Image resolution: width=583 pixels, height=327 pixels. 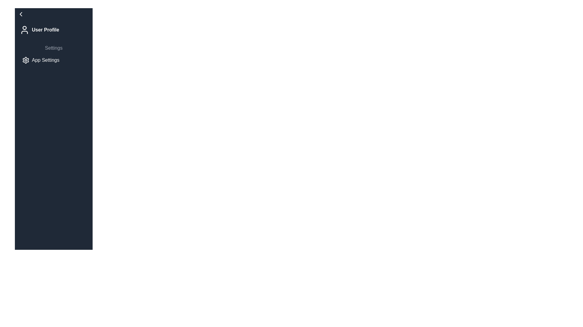 I want to click on the leftward-pointing chevron icon located in the top-left corner of the vertical navigation bar, so click(x=21, y=14).